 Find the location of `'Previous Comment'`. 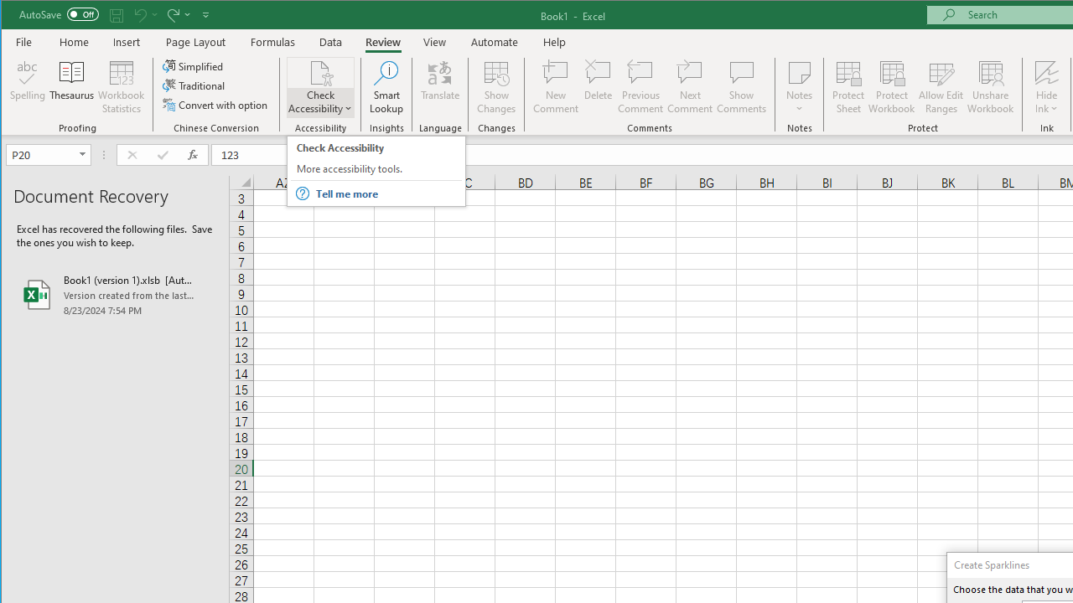

'Previous Comment' is located at coordinates (640, 87).